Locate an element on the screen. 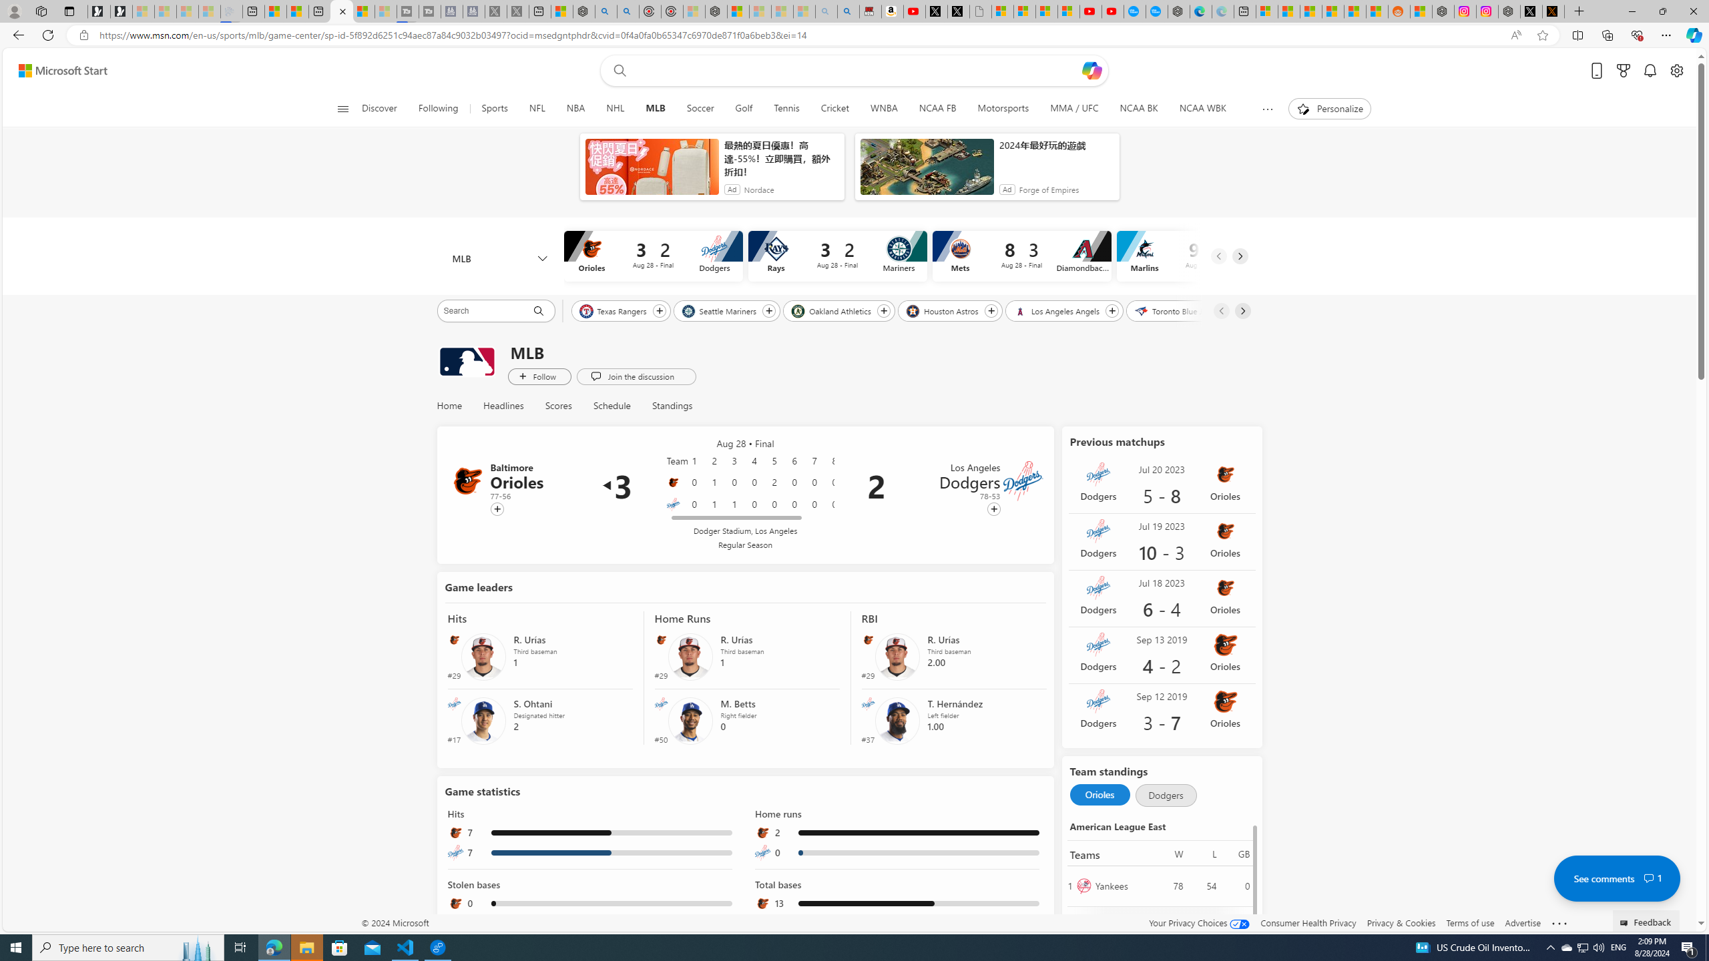  'Mets 8 vs Diamondbacks 3Final Date Aug 28' is located at coordinates (1020, 255).